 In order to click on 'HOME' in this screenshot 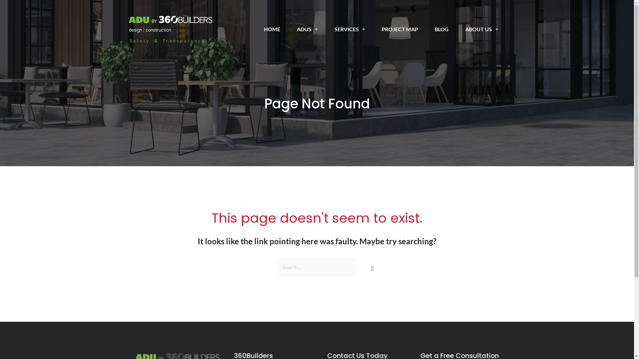, I will do `click(272, 29)`.